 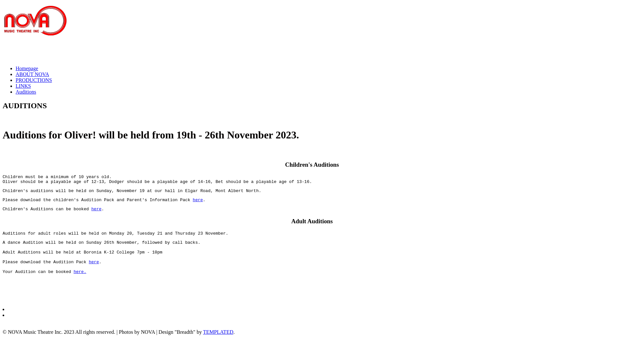 What do you see at coordinates (23, 85) in the screenshot?
I see `'LINKS'` at bounding box center [23, 85].